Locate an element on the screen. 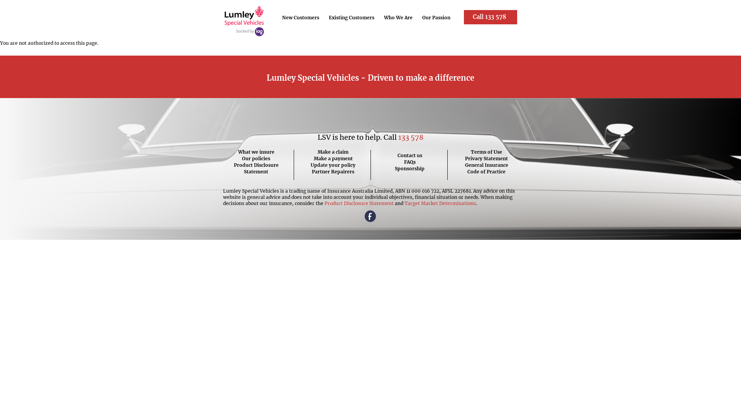  'Facebook' is located at coordinates (370, 217).